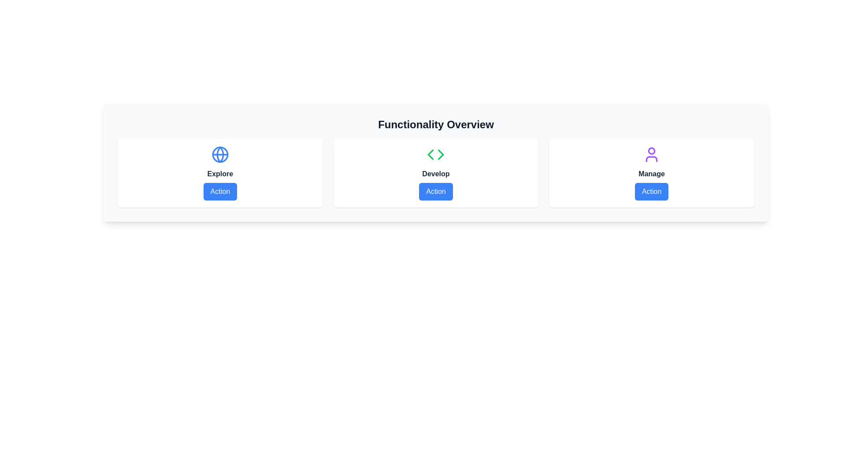  I want to click on the user profile icon located within the 'Manage' icon, which is the rightmost icon in the three-icon layout under 'Functionality Overview', so click(652, 150).